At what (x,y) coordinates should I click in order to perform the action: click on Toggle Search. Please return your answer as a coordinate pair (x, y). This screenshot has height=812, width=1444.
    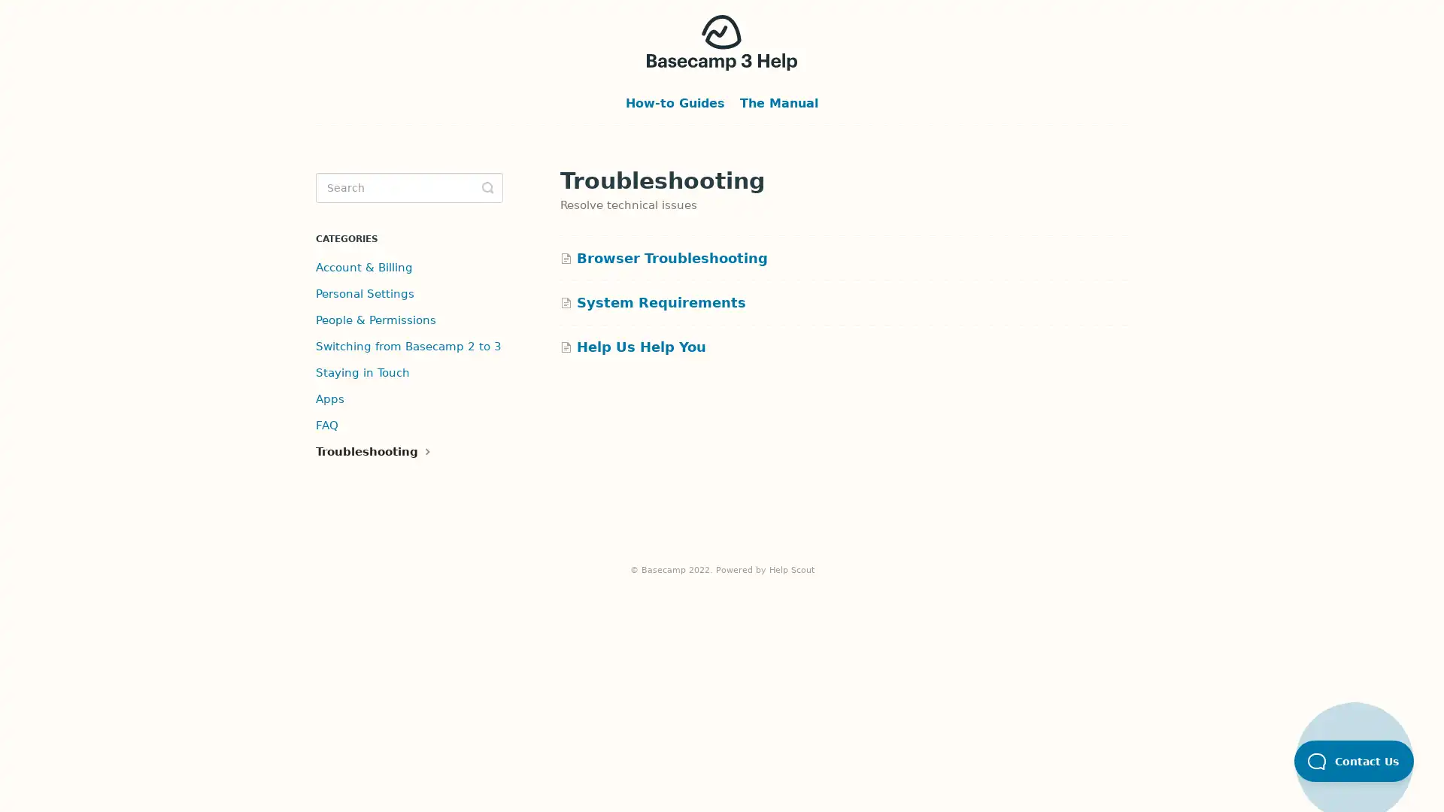
    Looking at the image, I should click on (487, 187).